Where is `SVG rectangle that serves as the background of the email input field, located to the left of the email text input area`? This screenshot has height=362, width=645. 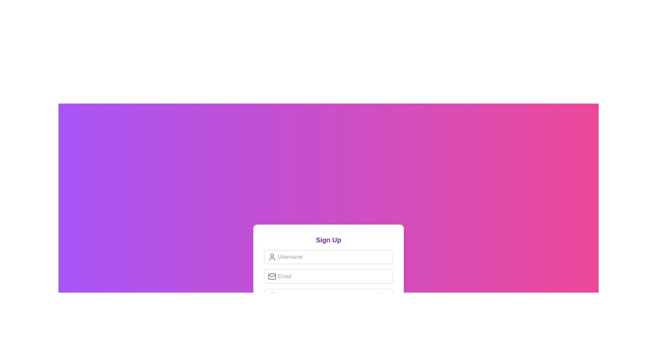
SVG rectangle that serves as the background of the email input field, located to the left of the email text input area is located at coordinates (272, 277).